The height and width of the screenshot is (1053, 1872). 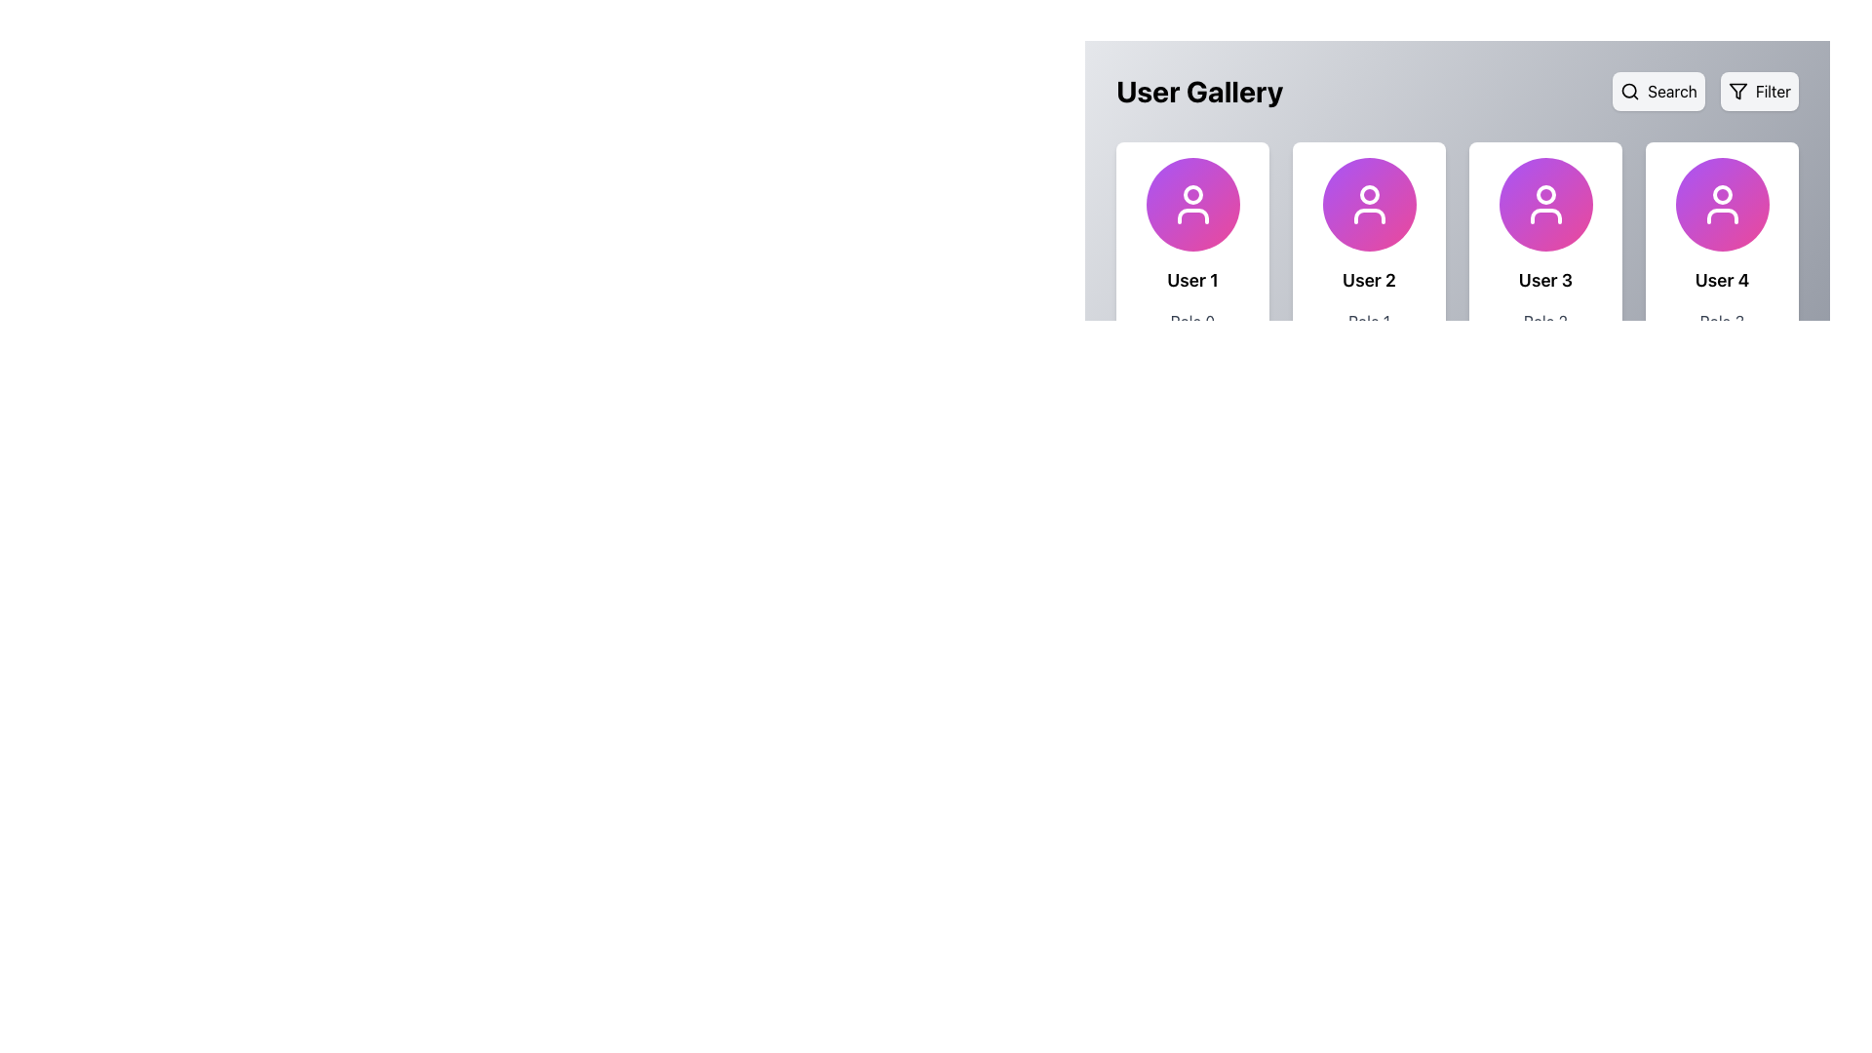 What do you see at coordinates (1759, 91) in the screenshot?
I see `the 'Filter' button, which has a gray background, rounded corners, a filter icon on the left, and the text 'Filter' on the right, located at the top-right corner of the interface` at bounding box center [1759, 91].